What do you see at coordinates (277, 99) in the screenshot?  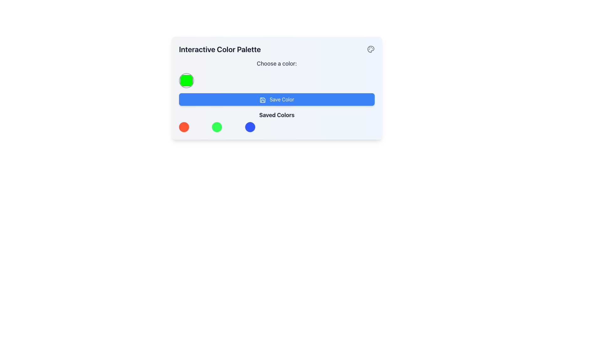 I see `the 'Save Color' button, which is a rectangular button with a blue background and white text, positioned centrally below a color selection circle` at bounding box center [277, 99].